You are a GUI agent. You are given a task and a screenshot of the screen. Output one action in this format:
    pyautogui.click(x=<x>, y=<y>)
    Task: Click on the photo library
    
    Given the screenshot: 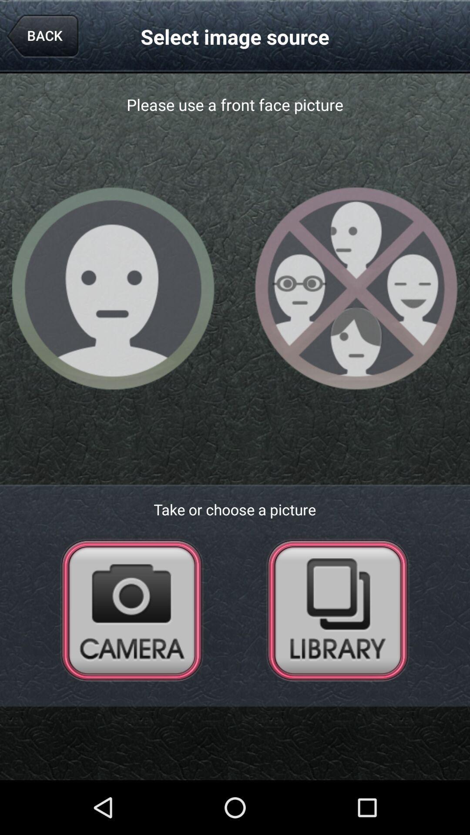 What is the action you would take?
    pyautogui.click(x=337, y=609)
    